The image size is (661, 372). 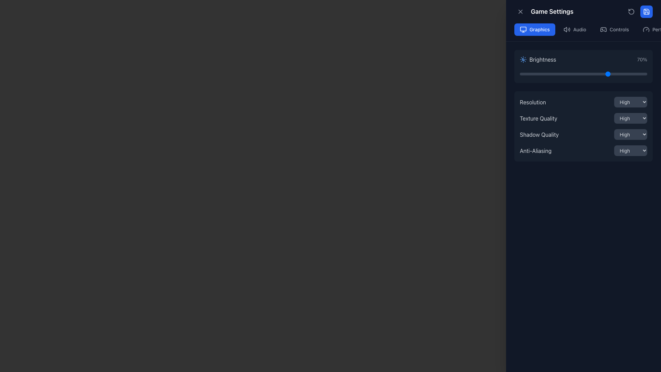 I want to click on the 'Controls' button, which is the third option in the horizontal navigation menu and features a game controller icon and gray text, so click(x=614, y=29).